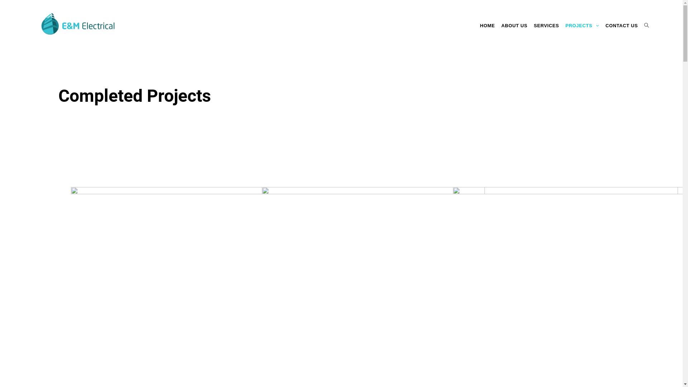 This screenshot has width=688, height=387. I want to click on 'www.eandmelectrical.com.au', so click(242, 349).